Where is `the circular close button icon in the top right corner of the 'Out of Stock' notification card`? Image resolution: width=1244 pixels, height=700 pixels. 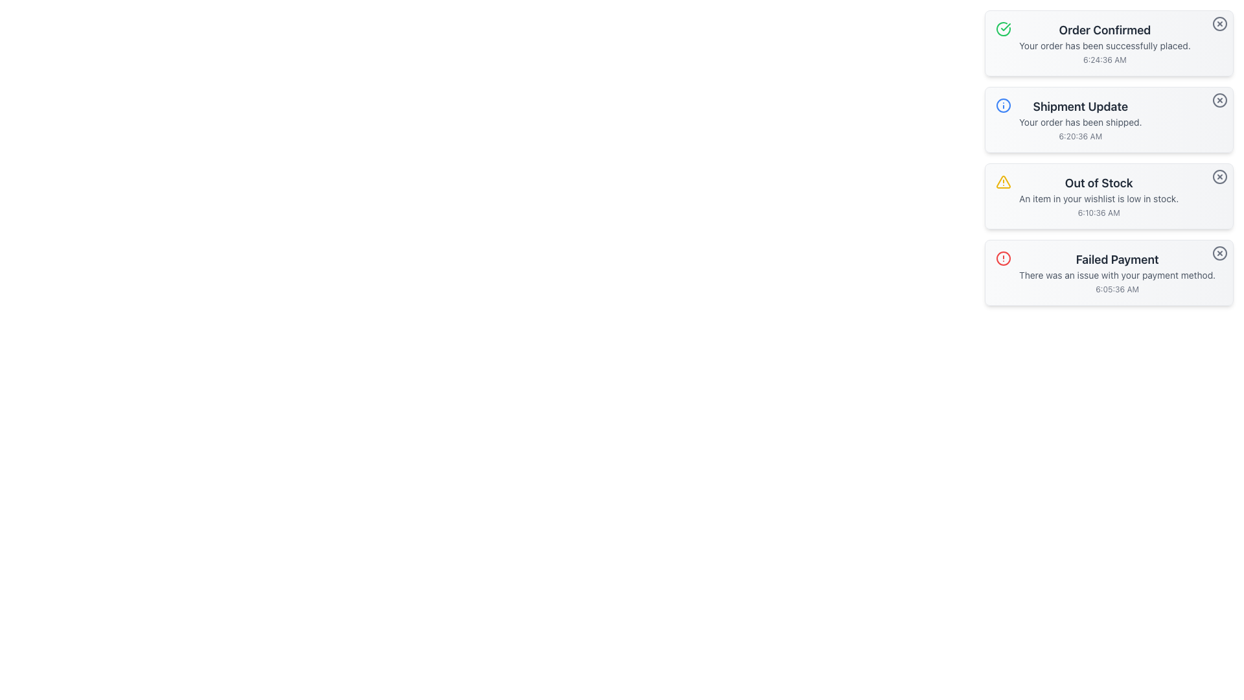 the circular close button icon in the top right corner of the 'Out of Stock' notification card is located at coordinates (1219, 177).